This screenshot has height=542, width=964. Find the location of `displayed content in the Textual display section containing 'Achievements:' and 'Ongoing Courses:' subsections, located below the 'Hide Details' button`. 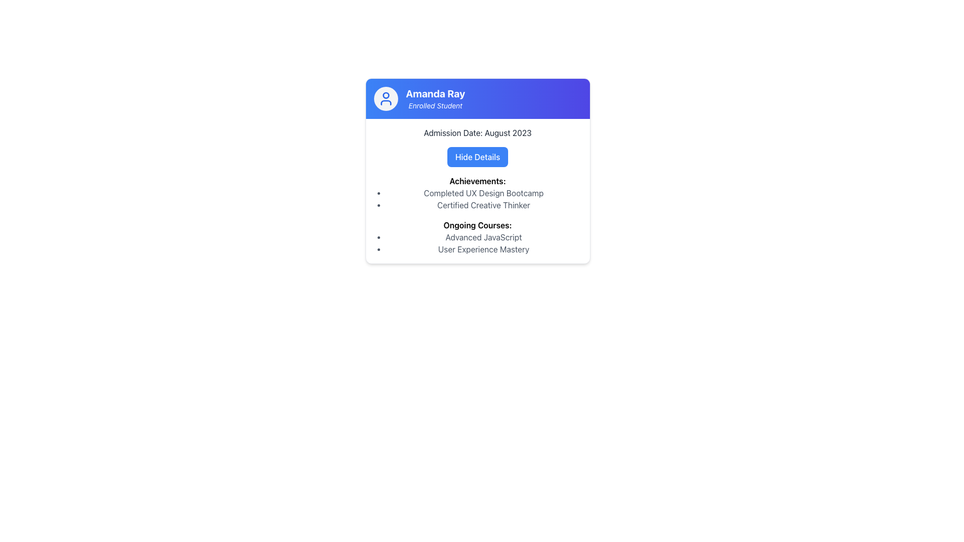

displayed content in the Textual display section containing 'Achievements:' and 'Ongoing Courses:' subsections, located below the 'Hide Details' button is located at coordinates (477, 214).